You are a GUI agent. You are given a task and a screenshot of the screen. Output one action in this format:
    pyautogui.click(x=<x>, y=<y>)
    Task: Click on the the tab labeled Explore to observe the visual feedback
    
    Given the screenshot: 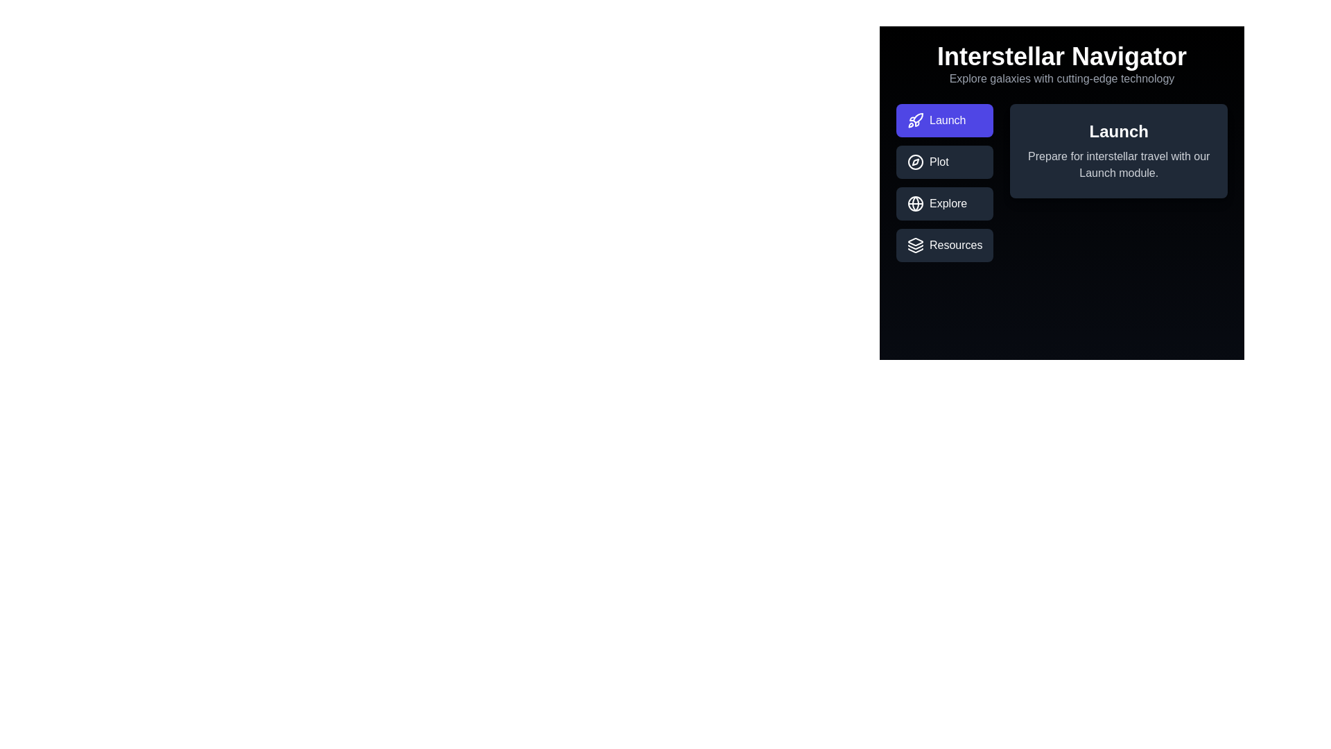 What is the action you would take?
    pyautogui.click(x=944, y=203)
    